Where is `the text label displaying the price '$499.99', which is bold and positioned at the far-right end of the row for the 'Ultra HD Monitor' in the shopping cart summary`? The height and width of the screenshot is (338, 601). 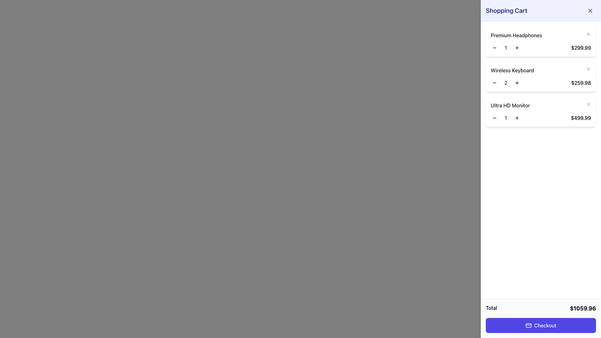 the text label displaying the price '$499.99', which is bold and positioned at the far-right end of the row for the 'Ultra HD Monitor' in the shopping cart summary is located at coordinates (580, 118).